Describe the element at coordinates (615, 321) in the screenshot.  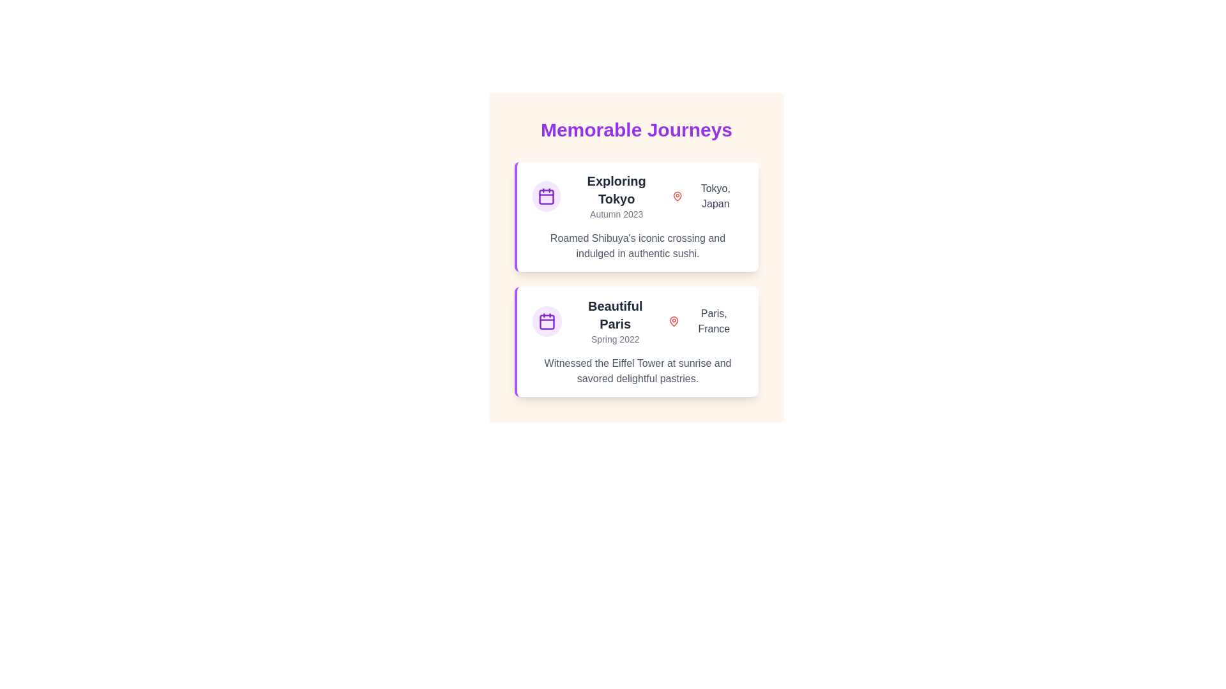
I see `the static text element that displays the title 'Beautiful Paris' and the time period 'Spring 2022', located in the center-right area of the second card under 'Memorable Journeys'` at that location.